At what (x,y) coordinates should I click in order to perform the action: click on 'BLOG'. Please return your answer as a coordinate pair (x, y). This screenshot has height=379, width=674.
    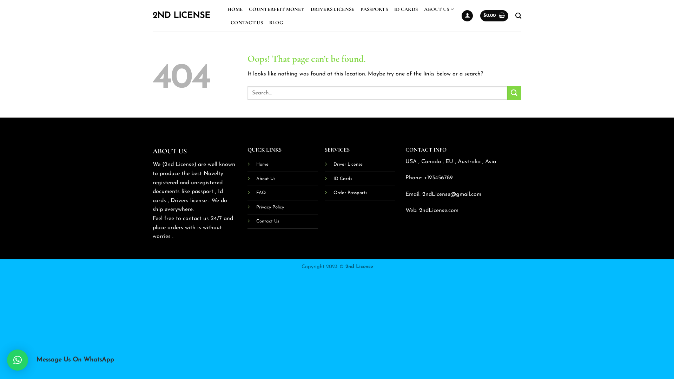
    Looking at the image, I should click on (276, 22).